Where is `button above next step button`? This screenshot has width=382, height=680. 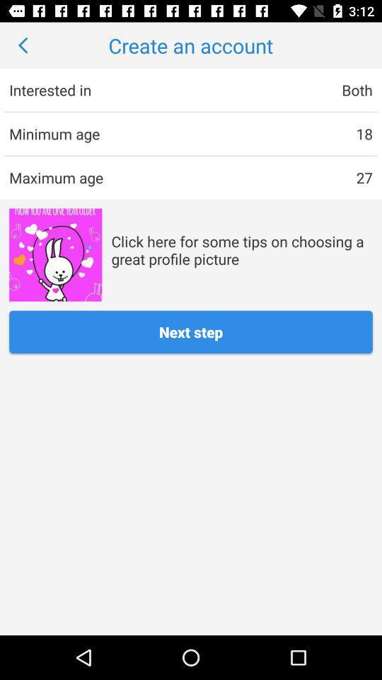 button above next step button is located at coordinates (54, 255).